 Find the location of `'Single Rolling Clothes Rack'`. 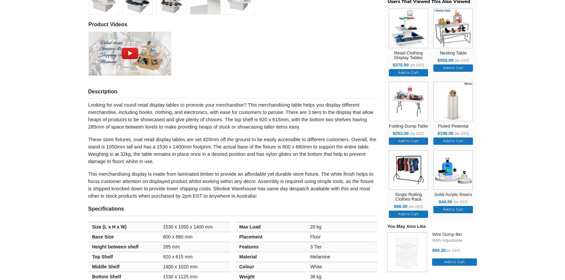

'Single Rolling Clothes Rack' is located at coordinates (408, 196).